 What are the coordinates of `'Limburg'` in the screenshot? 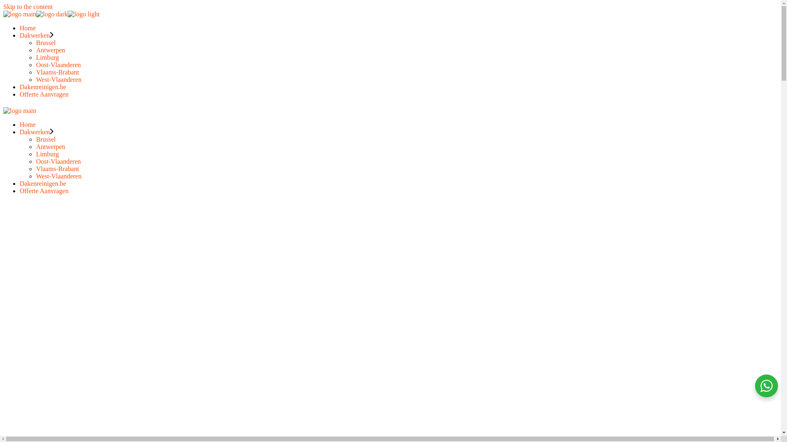 It's located at (47, 57).